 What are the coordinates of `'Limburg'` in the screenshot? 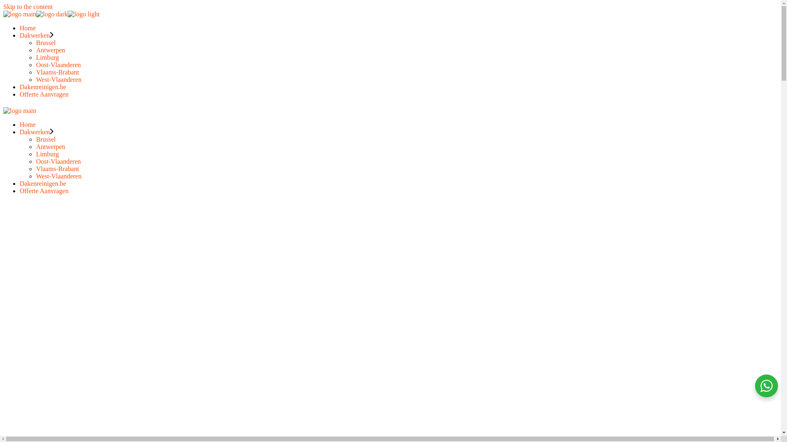 It's located at (47, 57).